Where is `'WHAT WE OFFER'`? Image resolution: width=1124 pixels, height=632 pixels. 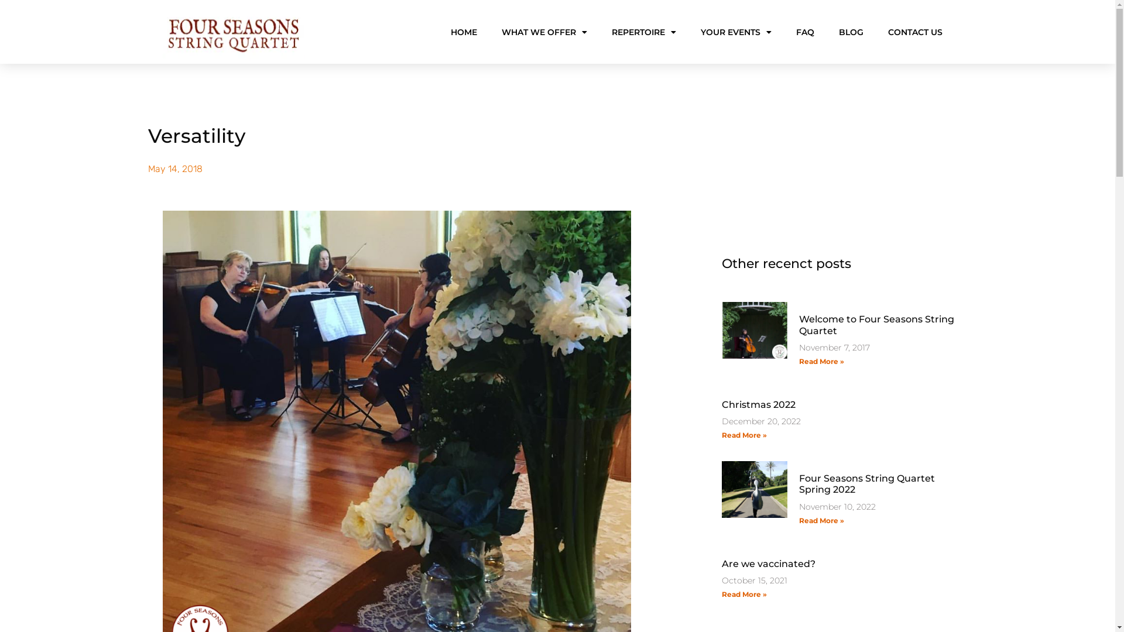
'WHAT WE OFFER' is located at coordinates (543, 31).